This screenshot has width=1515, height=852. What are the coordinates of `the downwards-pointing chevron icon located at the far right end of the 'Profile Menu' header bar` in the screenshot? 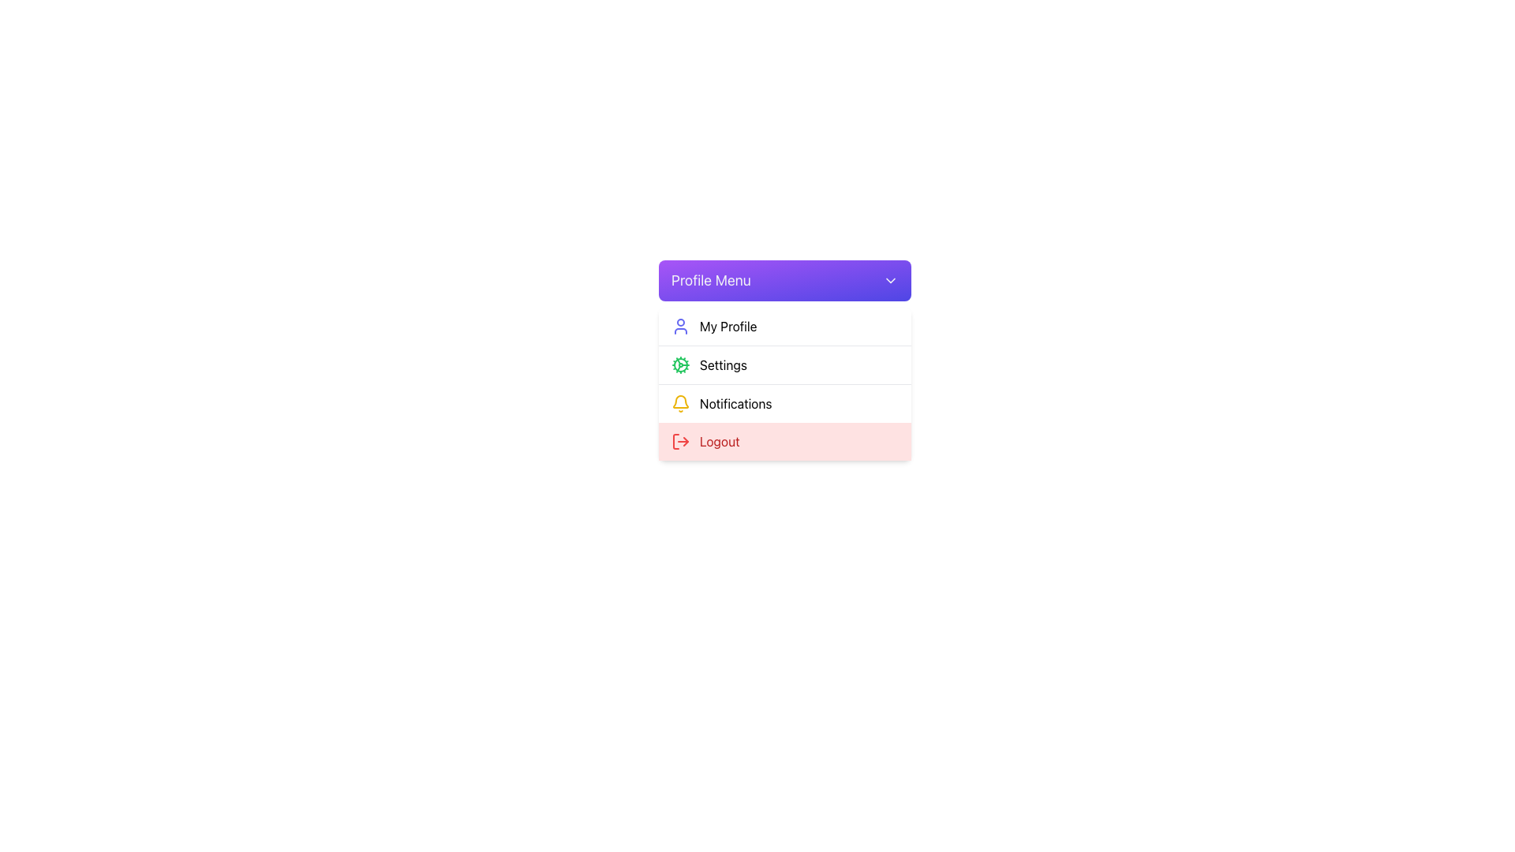 It's located at (890, 279).